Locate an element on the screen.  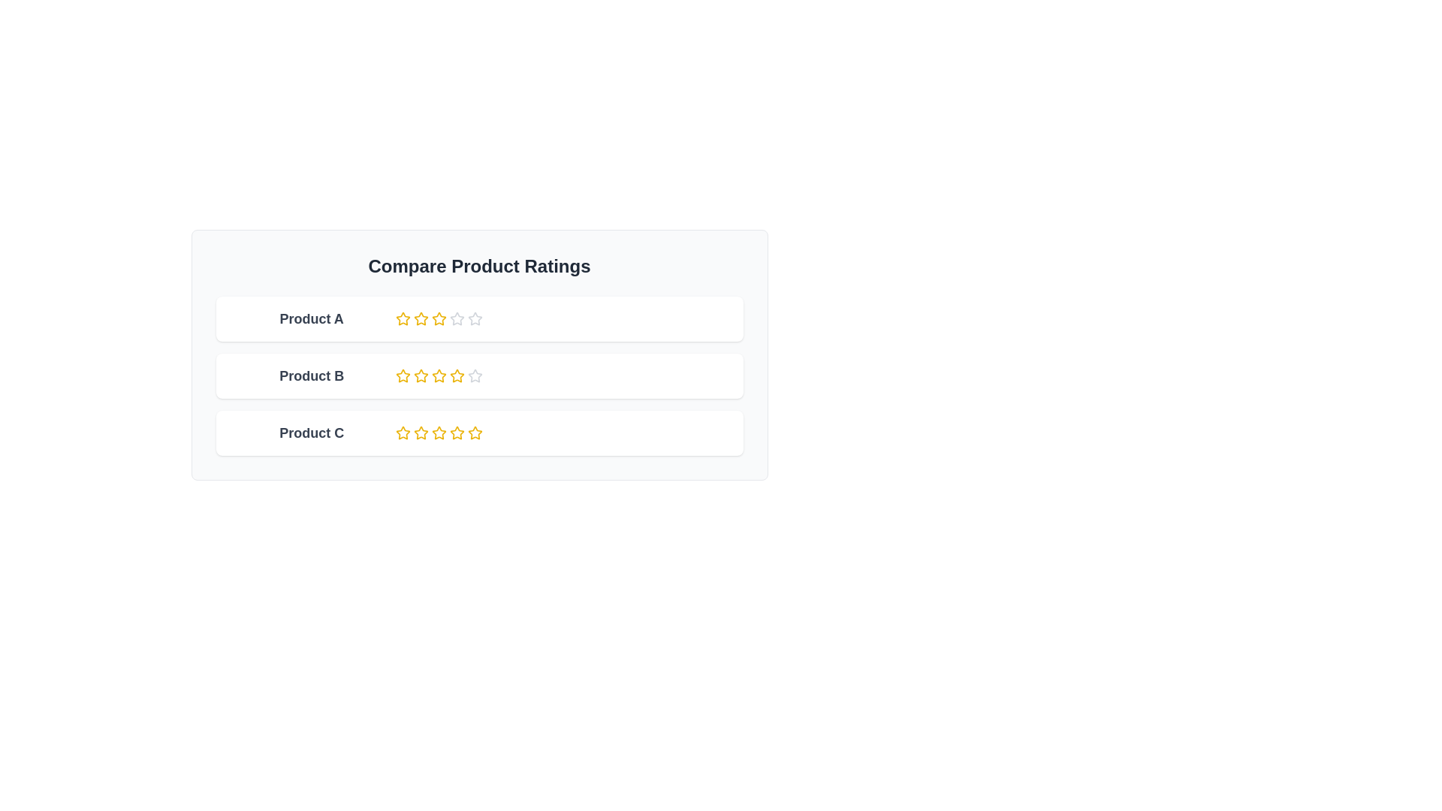
the rating display for 'Product A', which consists of a series of stars indicating a rating, located in the middle section of the rating area is located at coordinates (478, 318).